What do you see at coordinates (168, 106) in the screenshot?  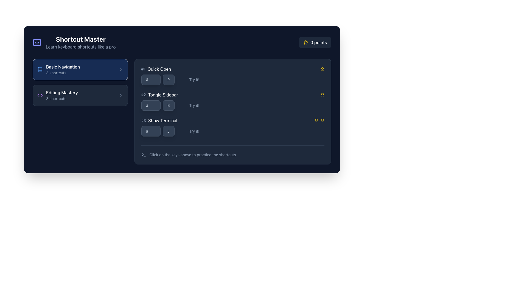 I see `the rectangular button displaying 'B' in light slate color located under the 'Toggle Sidebar' action in the second row of the interface's shortcut section` at bounding box center [168, 106].